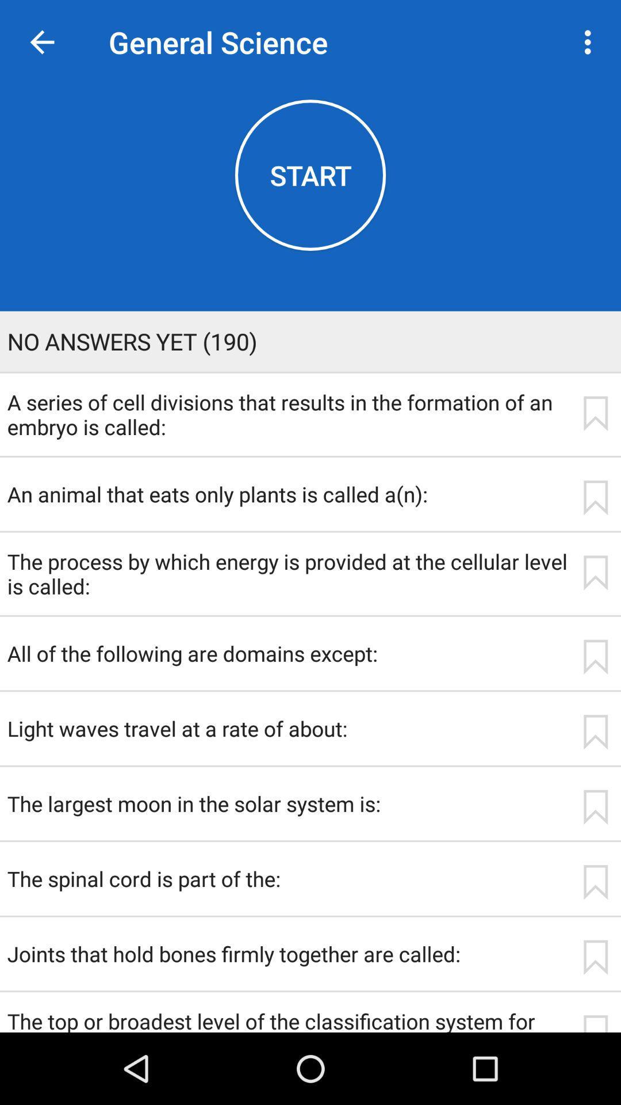 Image resolution: width=621 pixels, height=1105 pixels. I want to click on icon to the right of the the largest moon icon, so click(595, 806).